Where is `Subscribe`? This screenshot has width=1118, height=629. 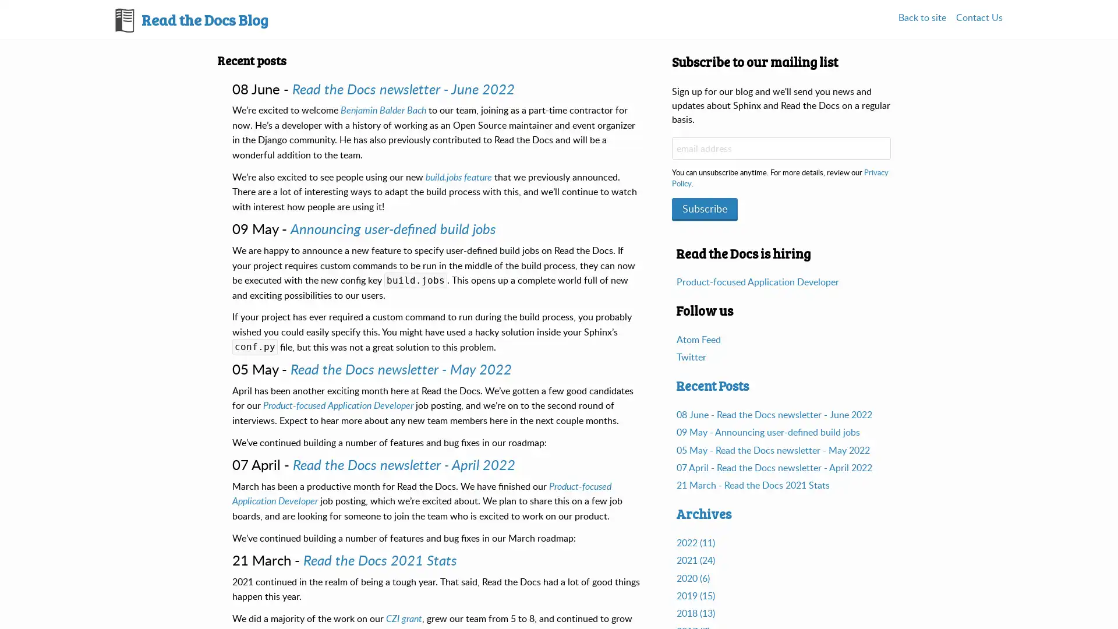 Subscribe is located at coordinates (704, 207).